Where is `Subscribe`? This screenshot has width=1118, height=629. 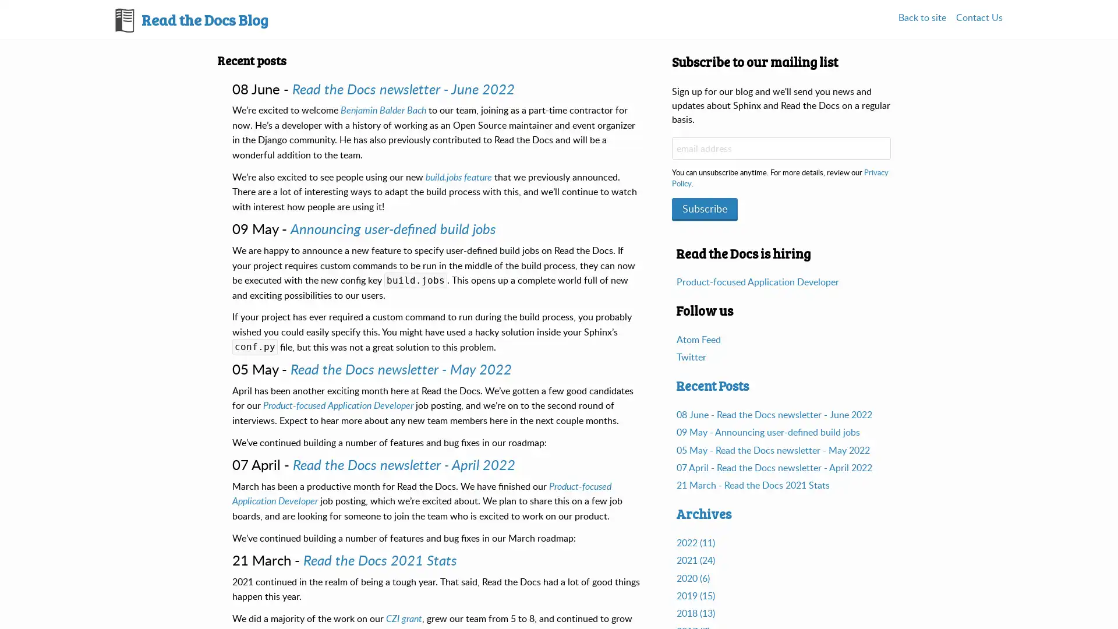 Subscribe is located at coordinates (704, 207).